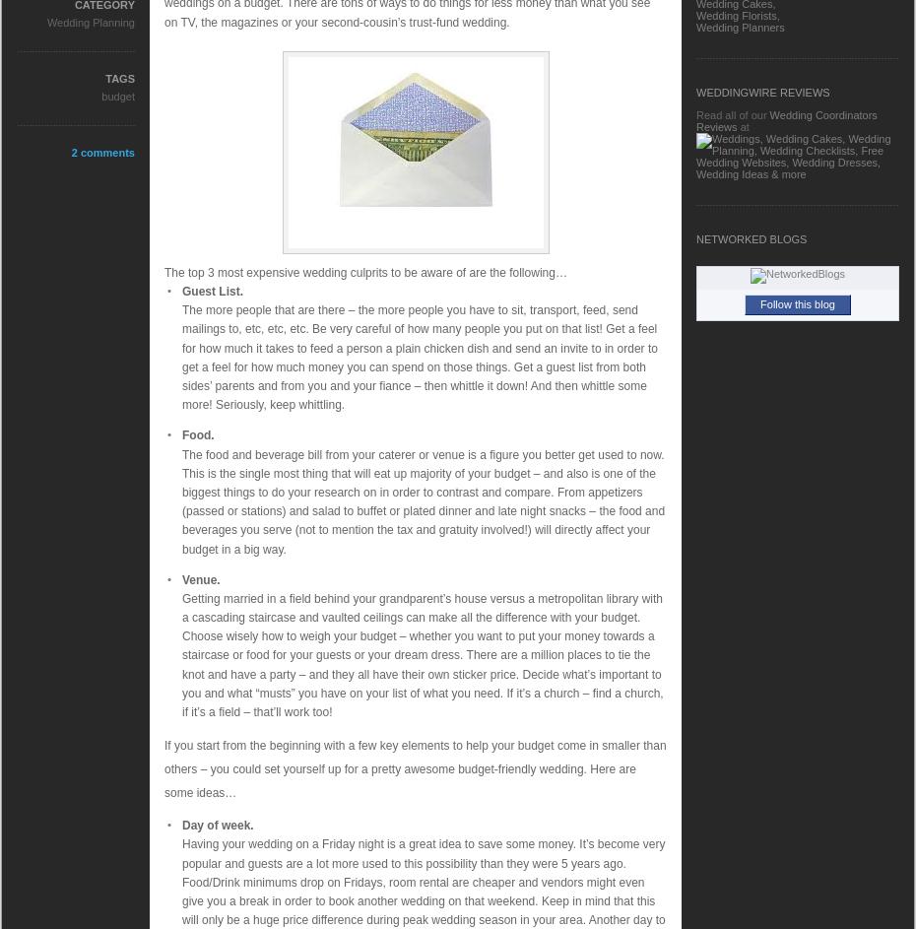 The height and width of the screenshot is (929, 916). I want to click on 'The more people that are there – the more people you have to sit, transport, feed, send mailings to, etc, etc, etc. Be very careful of how many people you put on that list! Get a feel for how much it takes to feed a person a plain chicken dish and send an invite to in order to get a feel for how much money you can spend on those things. Get a guest list from both sides’ parents and from you and your fiance – then whittle it down! And then whittle some more! Seriously, keep whittling.', so click(420, 357).